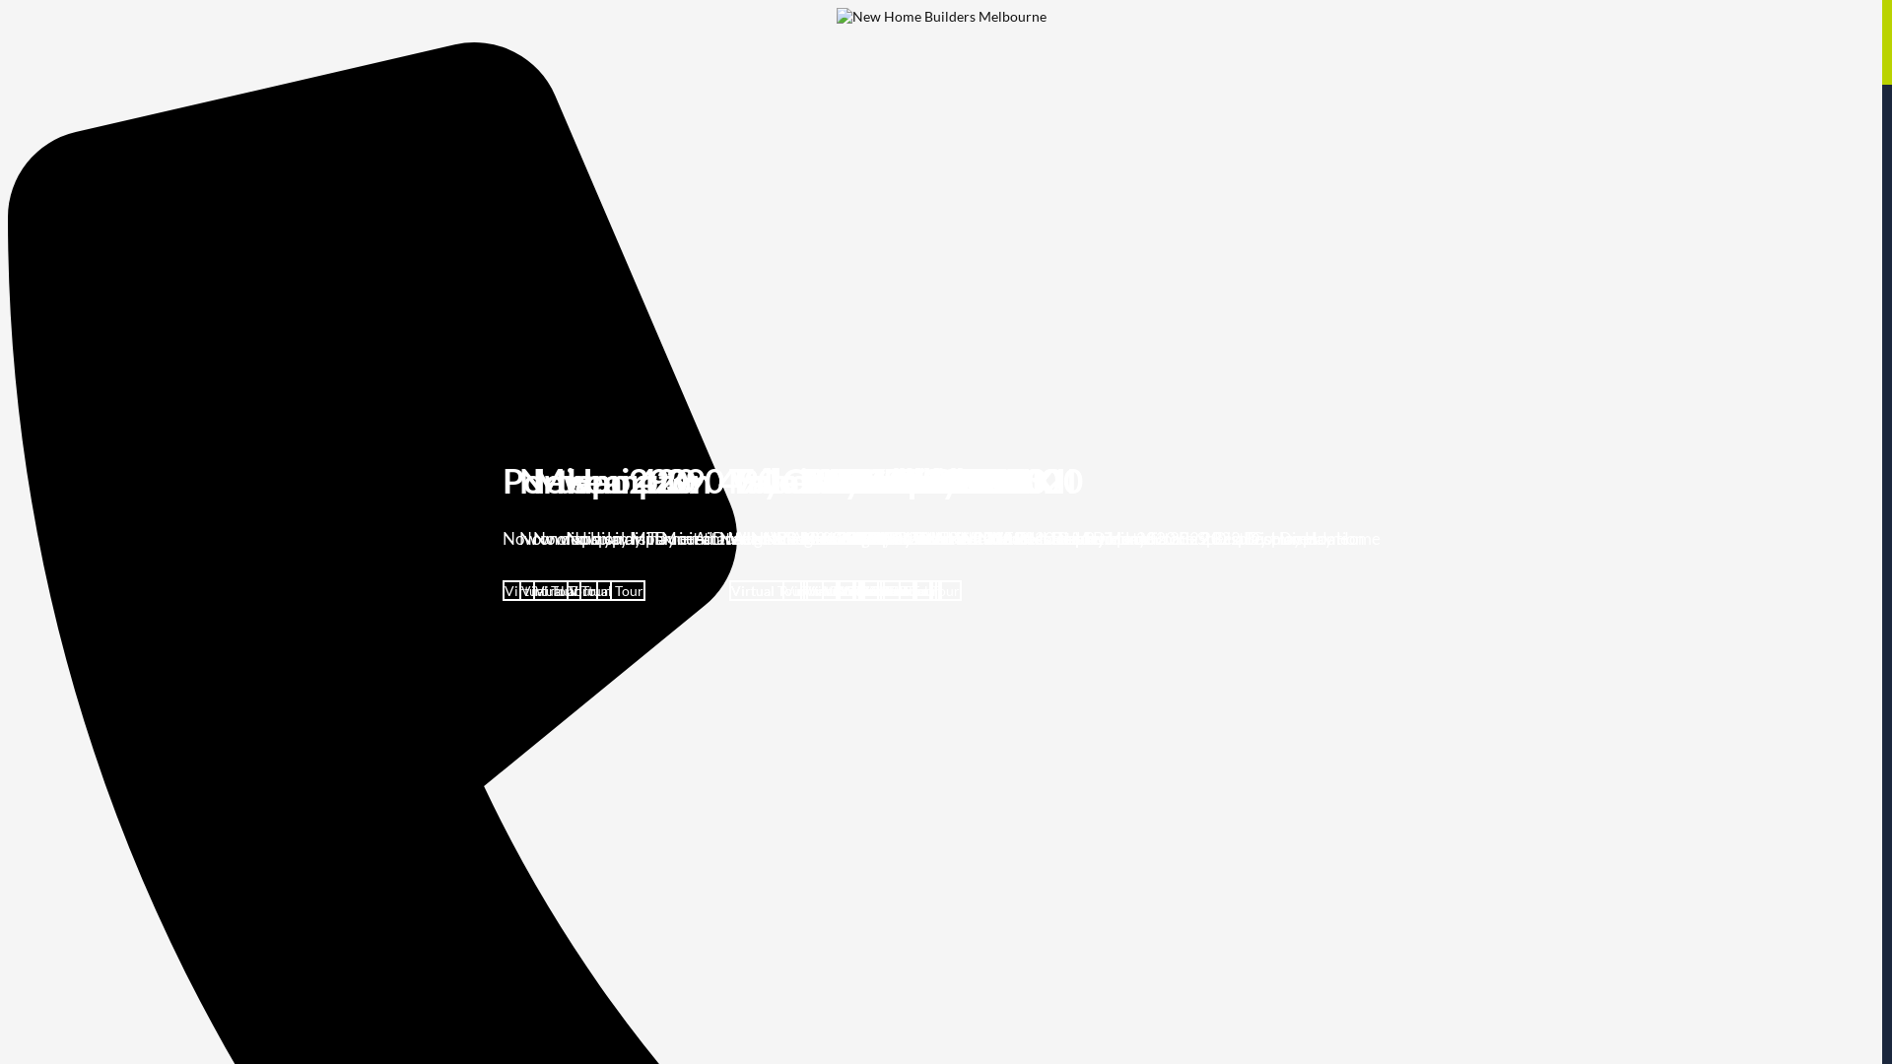 This screenshot has width=1892, height=1064. Describe the element at coordinates (727, 589) in the screenshot. I see `'Virtual Tour'` at that location.